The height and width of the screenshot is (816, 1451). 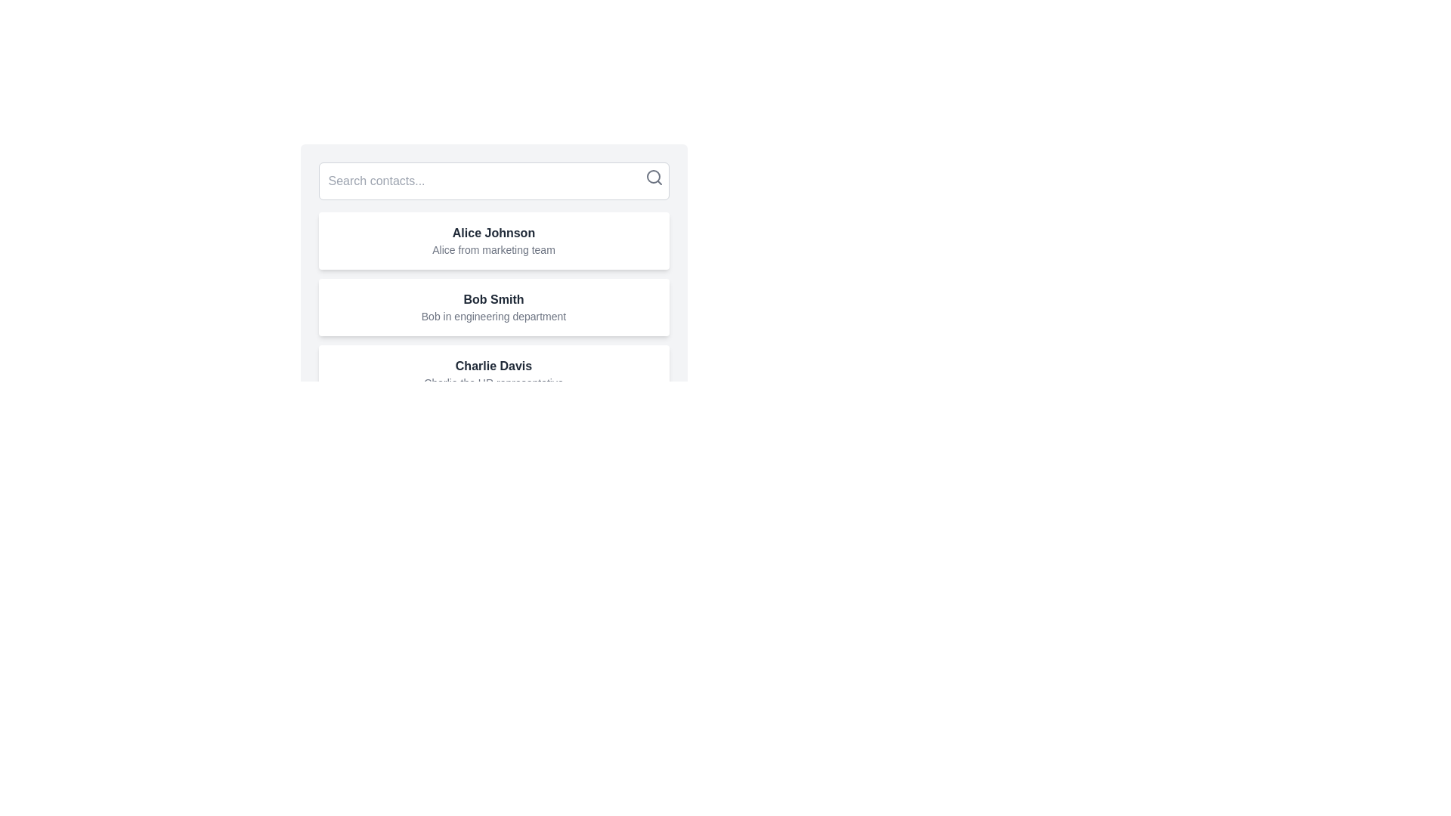 I want to click on the inner circle of the SVG icon with a gray outline located at the top-right corner of the search bar to inspect it, so click(x=653, y=176).